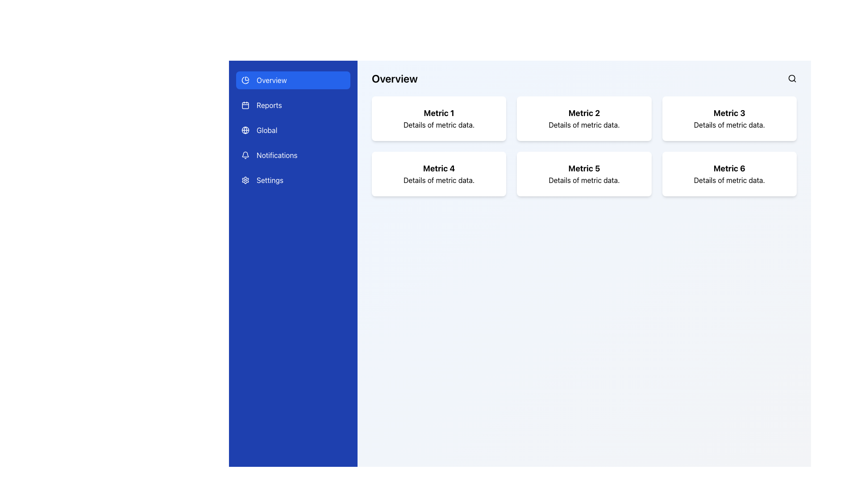 Image resolution: width=857 pixels, height=482 pixels. I want to click on the displayed information on the Informational Card labeled 'Metric 1', which is positioned in the top-left corner of a 3-column grid layout, so click(439, 118).